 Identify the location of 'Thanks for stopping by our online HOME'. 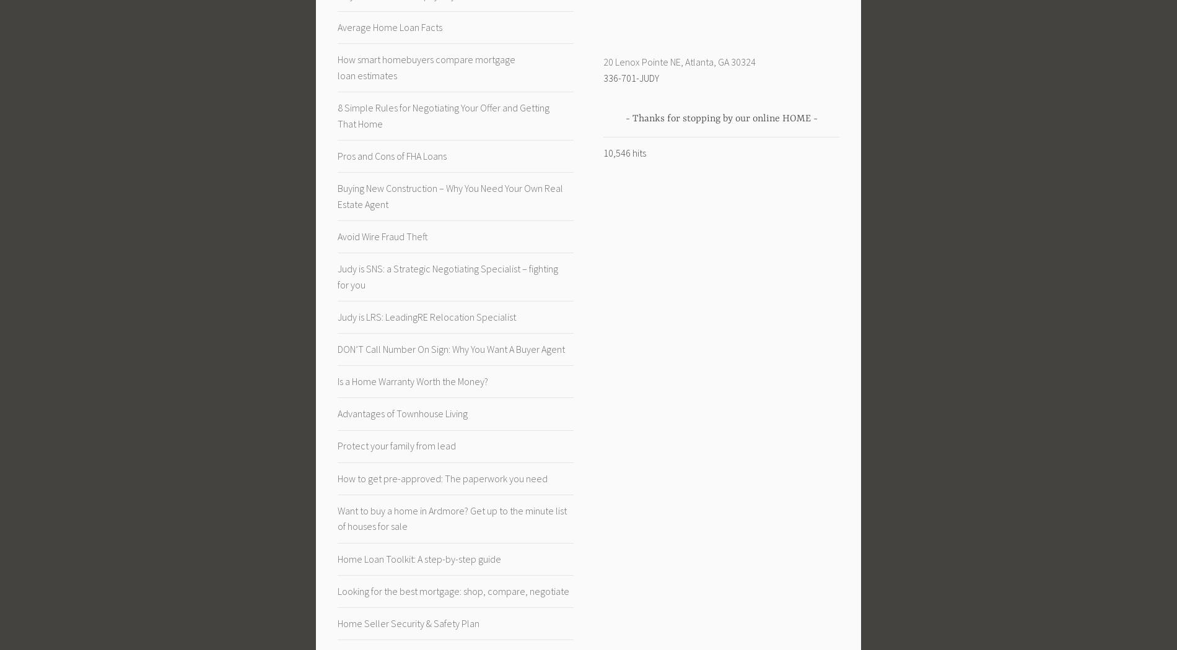
(720, 117).